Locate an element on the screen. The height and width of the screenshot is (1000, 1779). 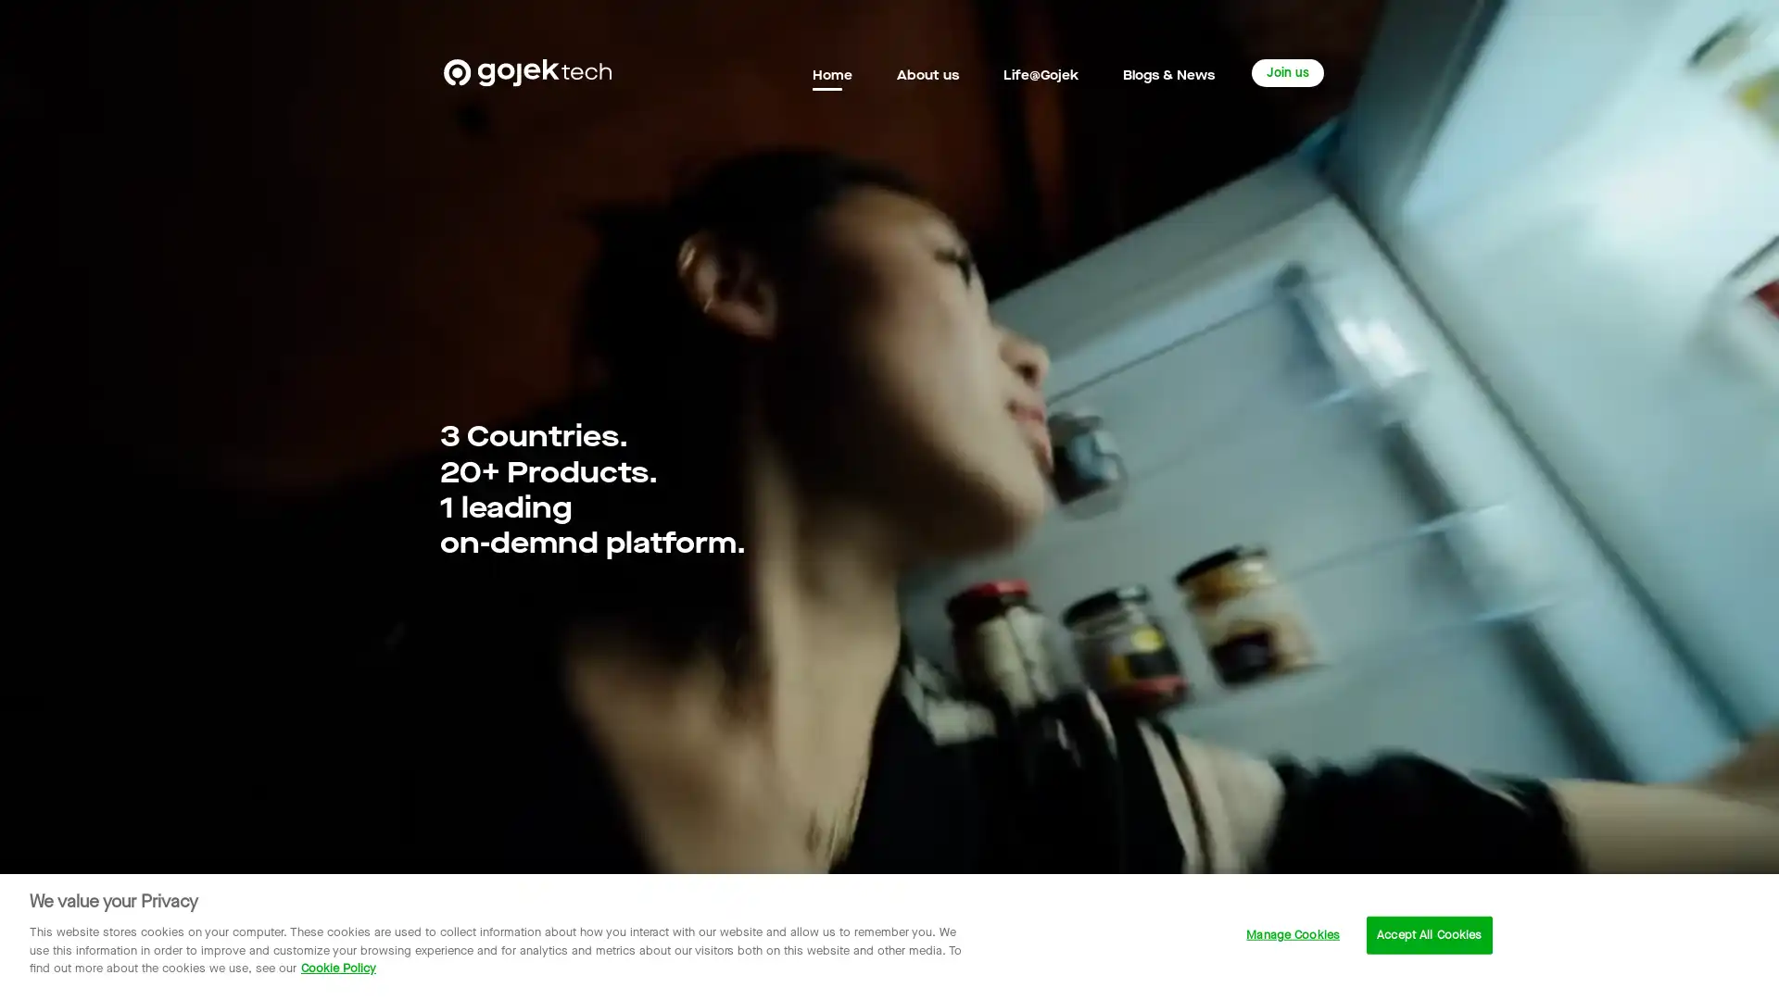
Accept All Cookies is located at coordinates (1428, 935).